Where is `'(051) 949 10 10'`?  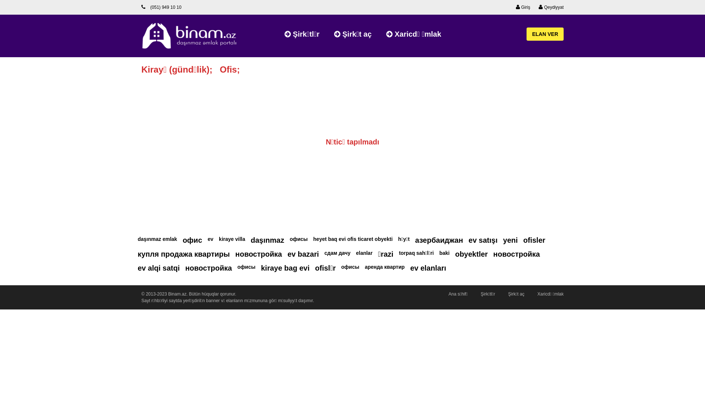
'(051) 949 10 10' is located at coordinates (161, 7).